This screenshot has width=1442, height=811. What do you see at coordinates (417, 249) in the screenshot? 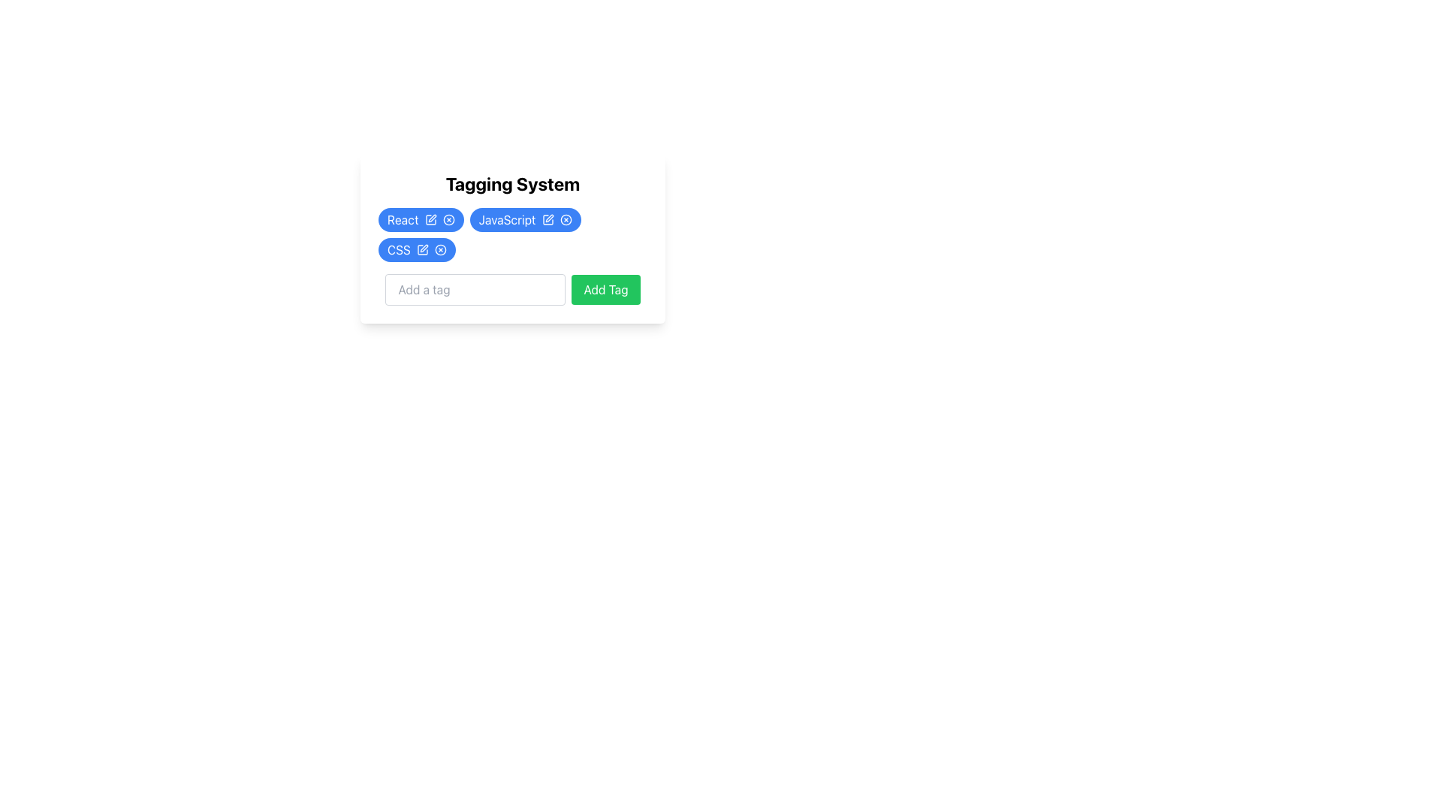
I see `the pen icon associated with the 'CSS' tag` at bounding box center [417, 249].